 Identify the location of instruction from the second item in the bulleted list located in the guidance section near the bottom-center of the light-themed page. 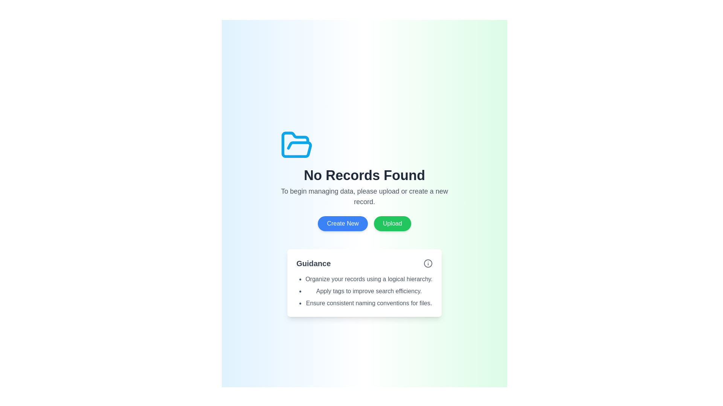
(369, 291).